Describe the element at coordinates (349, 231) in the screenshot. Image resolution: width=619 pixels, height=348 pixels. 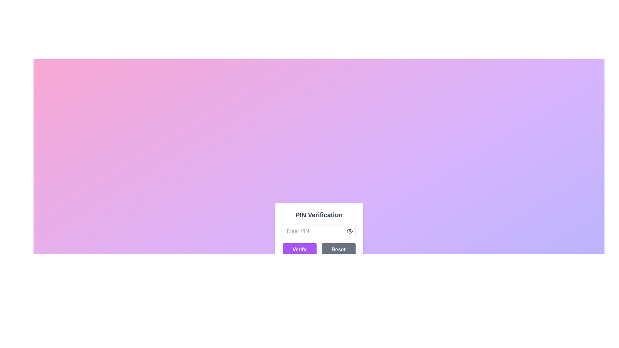
I see `the circular button with an eye icon` at that location.